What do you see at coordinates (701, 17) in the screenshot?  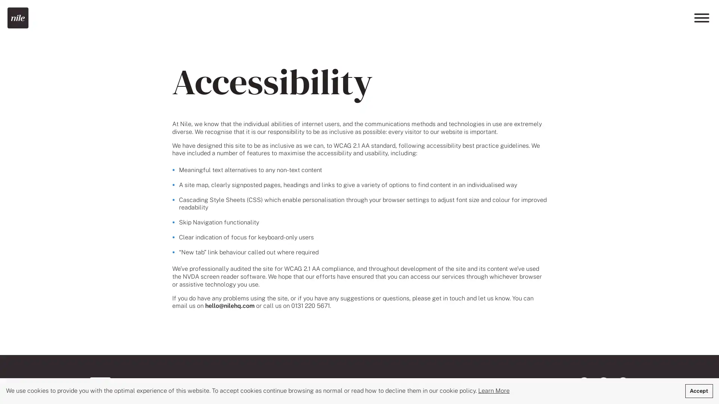 I see `Menu` at bounding box center [701, 17].